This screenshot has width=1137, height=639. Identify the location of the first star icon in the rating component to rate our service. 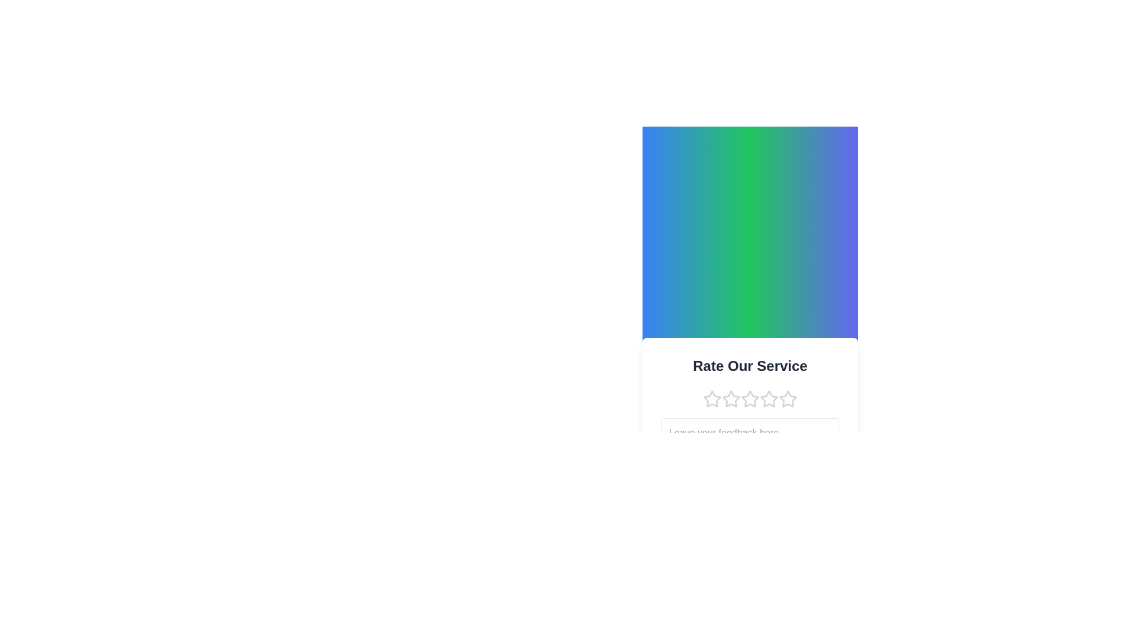
(711, 398).